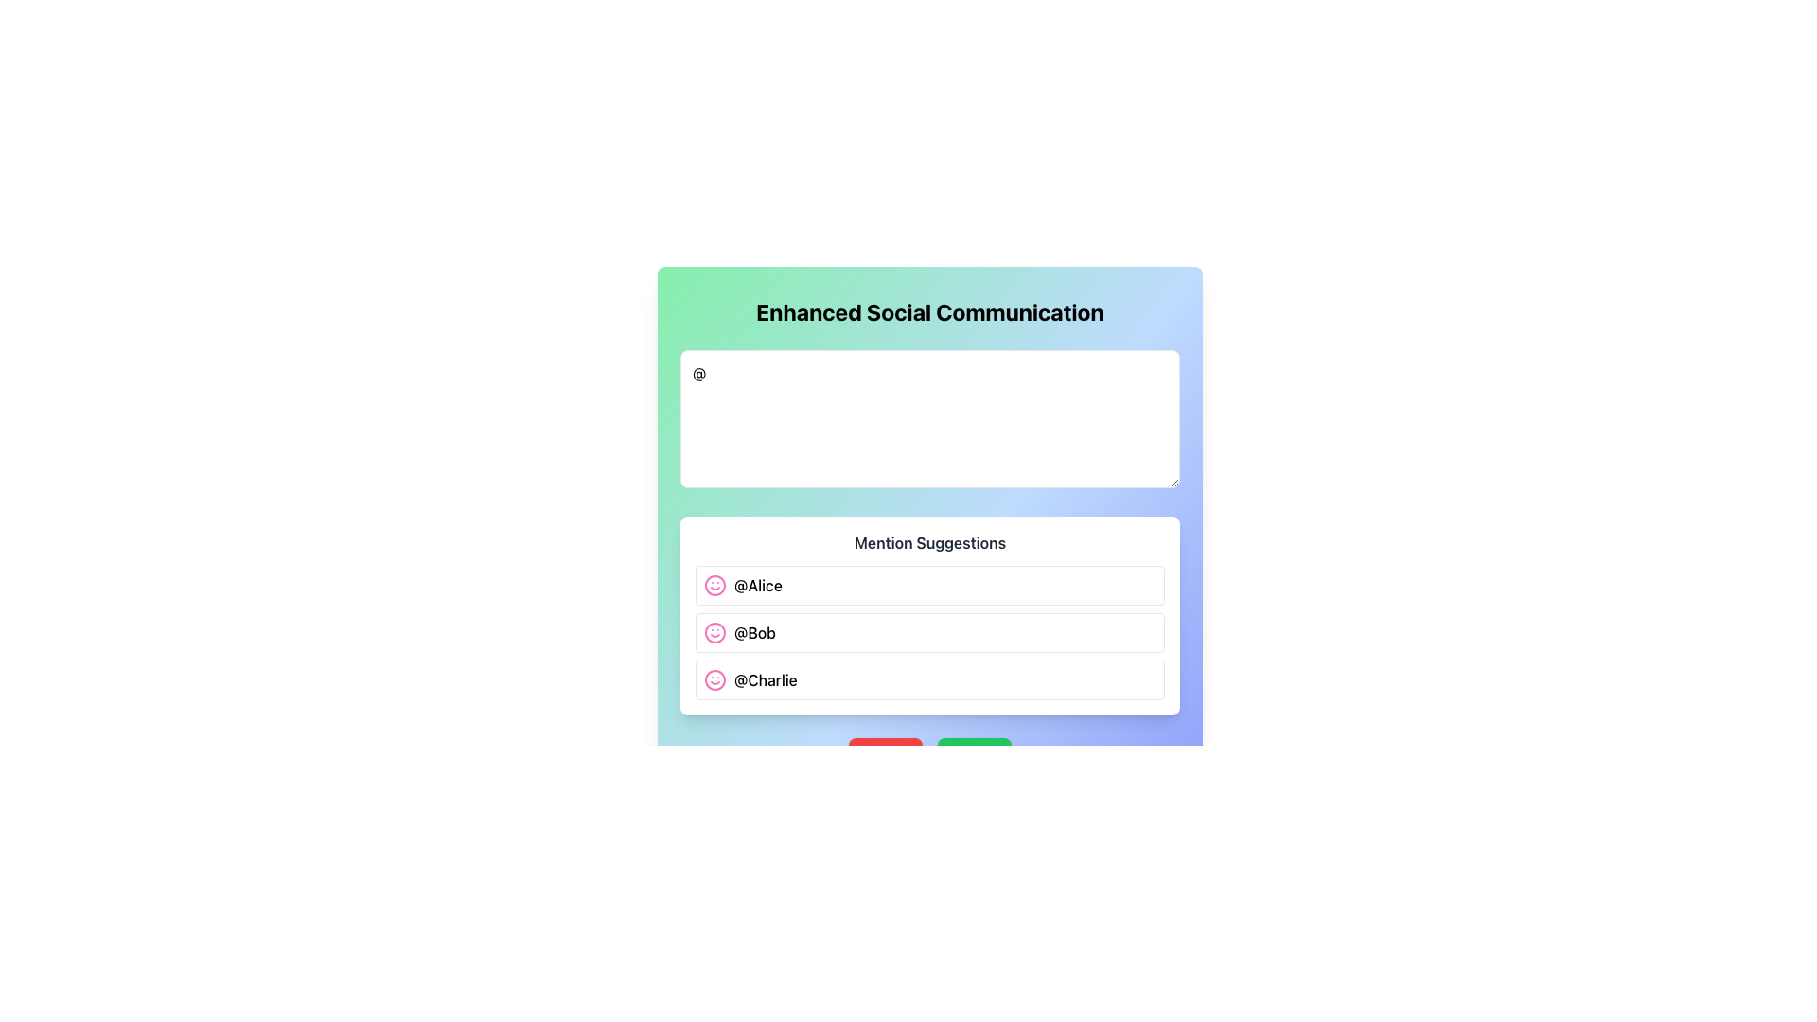 This screenshot has width=1817, height=1022. I want to click on the text label displaying '@Charlie', so click(766, 678).